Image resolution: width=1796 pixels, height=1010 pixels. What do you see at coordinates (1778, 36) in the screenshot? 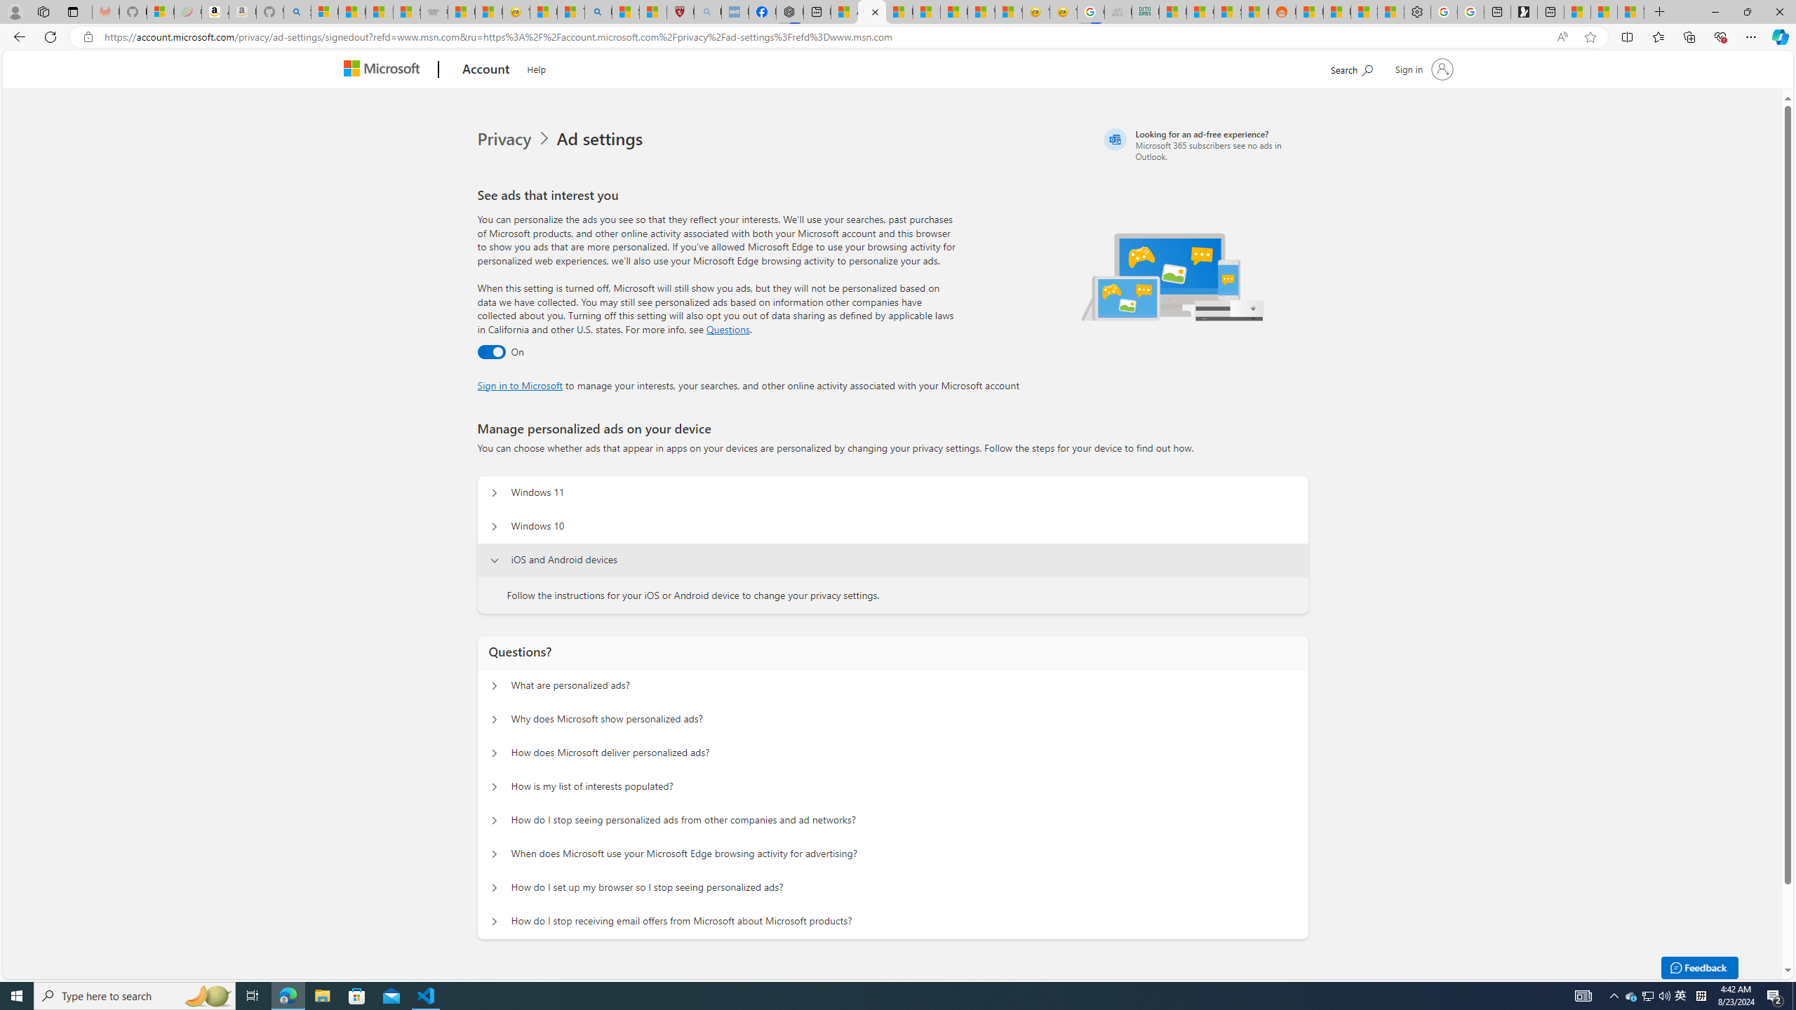
I see `'Copilot (Ctrl+Shift+.)'` at bounding box center [1778, 36].